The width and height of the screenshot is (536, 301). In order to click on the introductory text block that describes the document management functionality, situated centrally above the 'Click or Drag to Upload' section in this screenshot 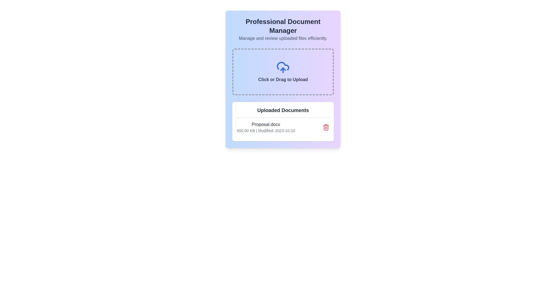, I will do `click(283, 29)`.